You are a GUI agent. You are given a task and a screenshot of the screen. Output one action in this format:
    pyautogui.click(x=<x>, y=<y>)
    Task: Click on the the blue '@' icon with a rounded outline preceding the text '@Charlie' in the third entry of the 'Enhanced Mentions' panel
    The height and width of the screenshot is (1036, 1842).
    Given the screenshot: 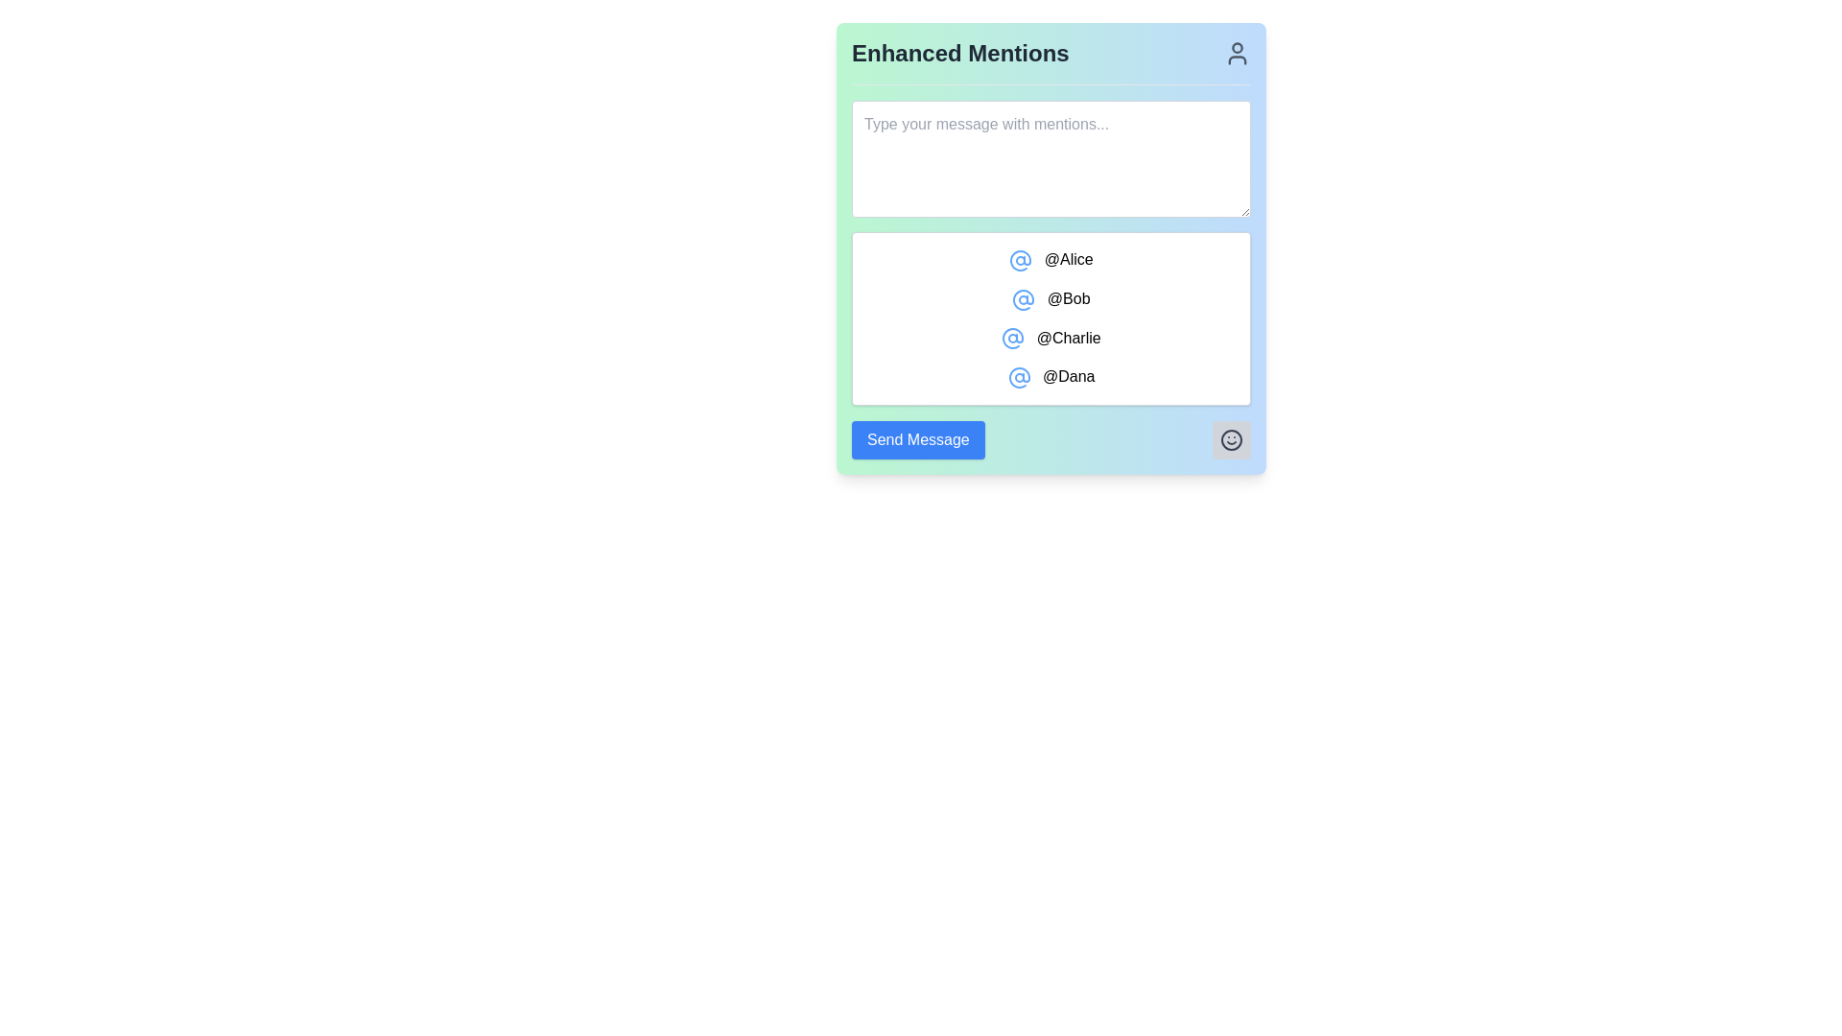 What is the action you would take?
    pyautogui.click(x=1012, y=338)
    